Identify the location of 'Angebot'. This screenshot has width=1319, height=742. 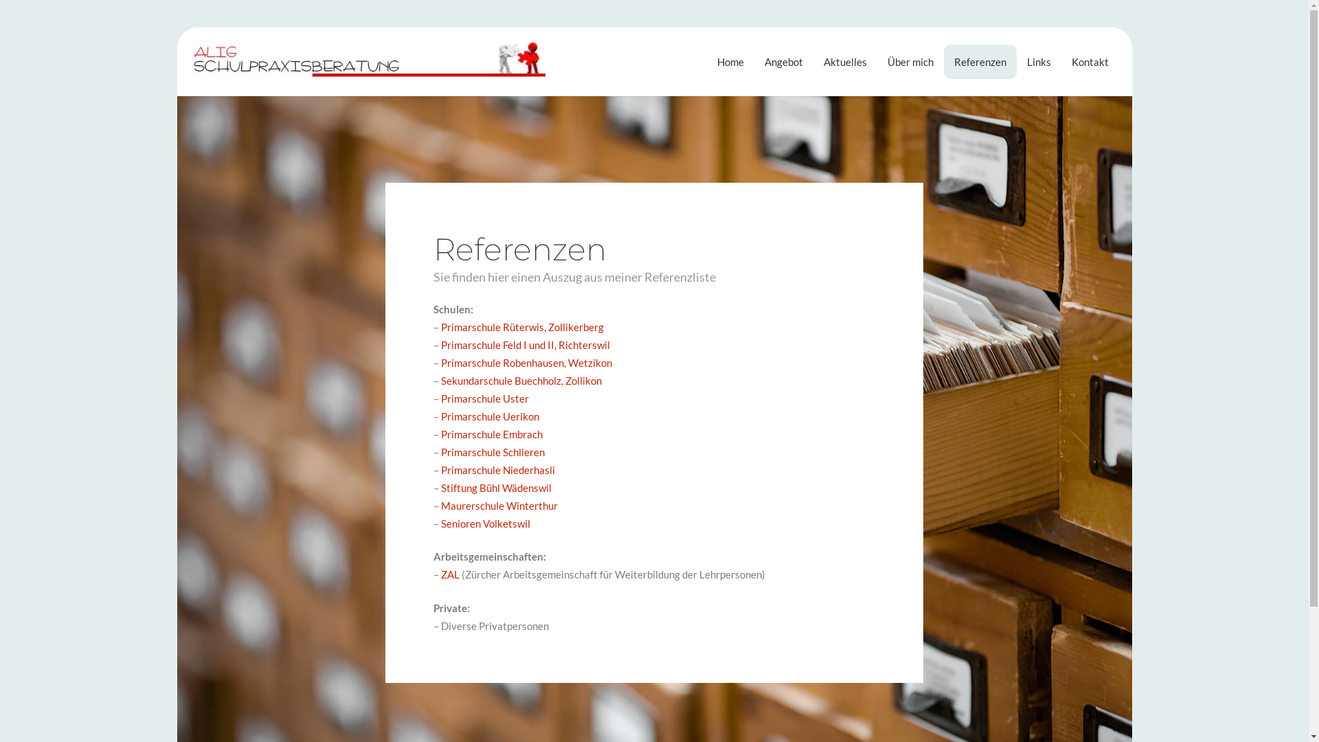
(784, 60).